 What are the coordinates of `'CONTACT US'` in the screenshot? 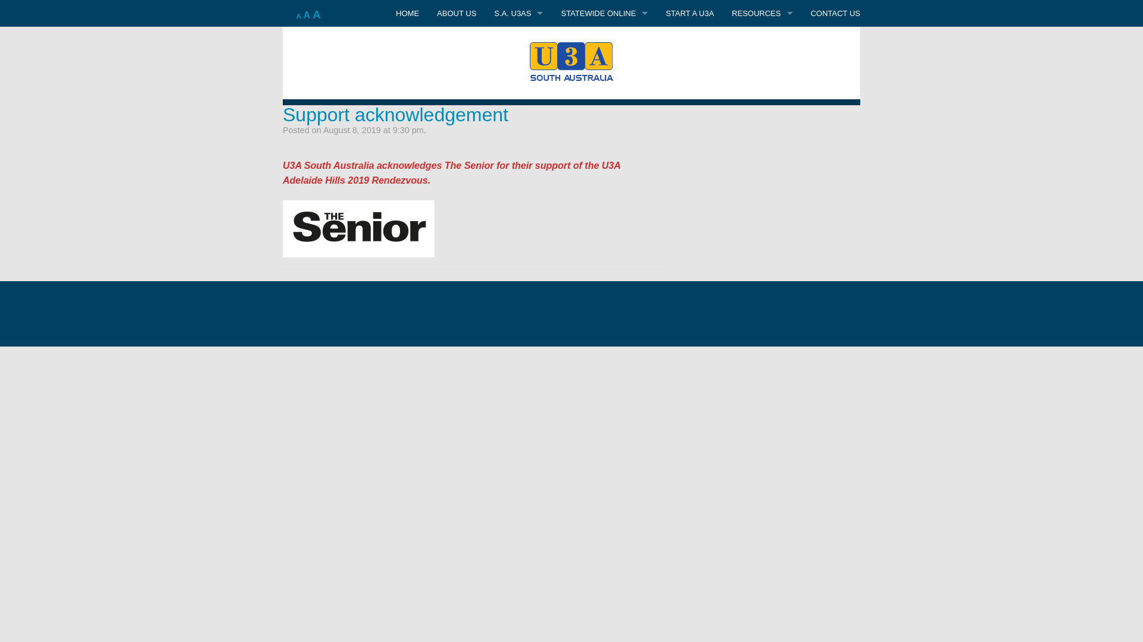 It's located at (835, 13).